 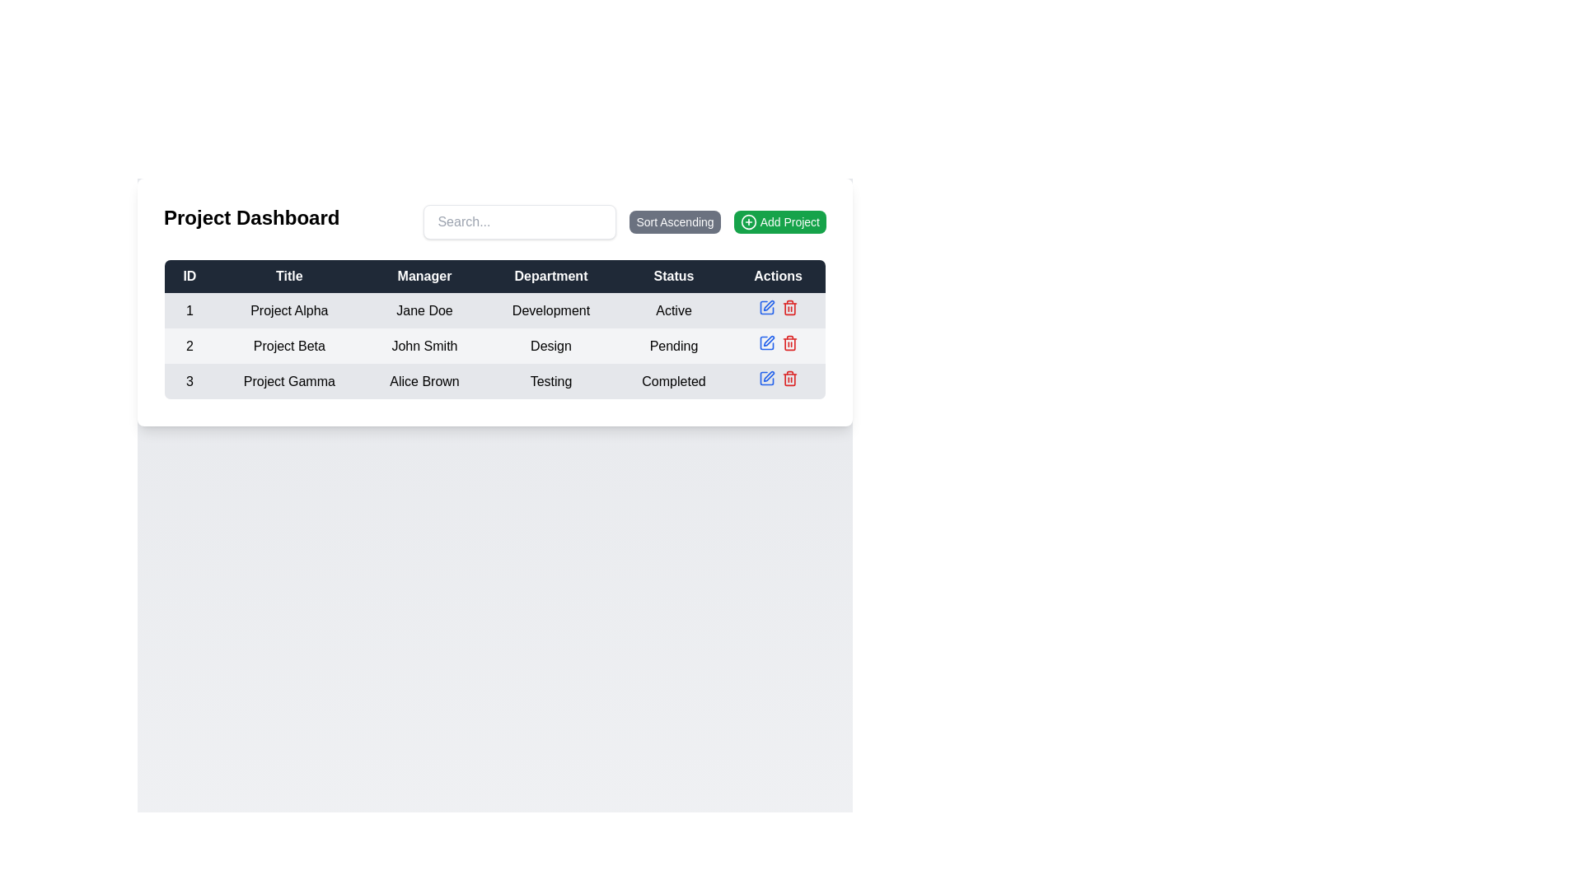 I want to click on the delete icon button, styled in red and resembling a trash can, located in the 'Actions' column of the second row for 'Project Beta', so click(x=789, y=379).